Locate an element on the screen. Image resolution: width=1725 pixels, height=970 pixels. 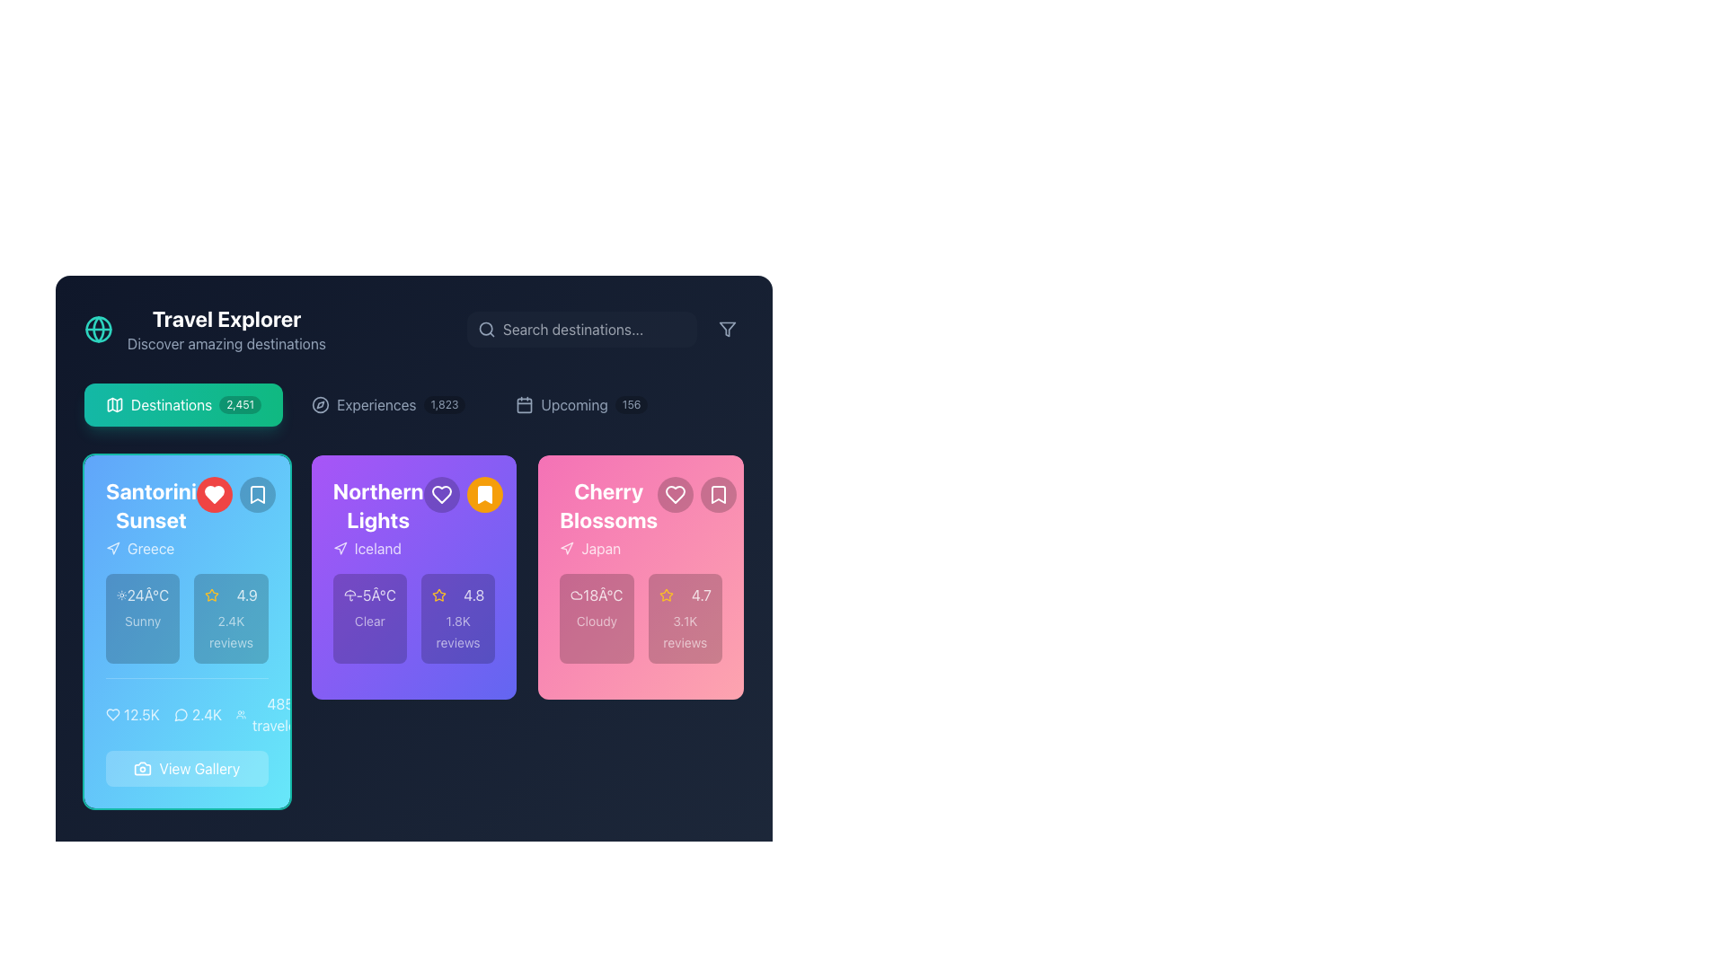
the weather and review details section of the 'Santorini Sunset' card, which is located in the first column of the cards grid, positioned in the middle of the card beneath the title is located at coordinates (187, 618).